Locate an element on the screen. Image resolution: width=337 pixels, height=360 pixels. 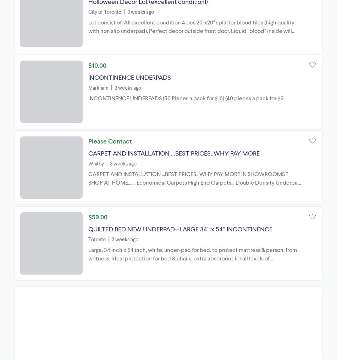
'City of Toronto' is located at coordinates (104, 11).